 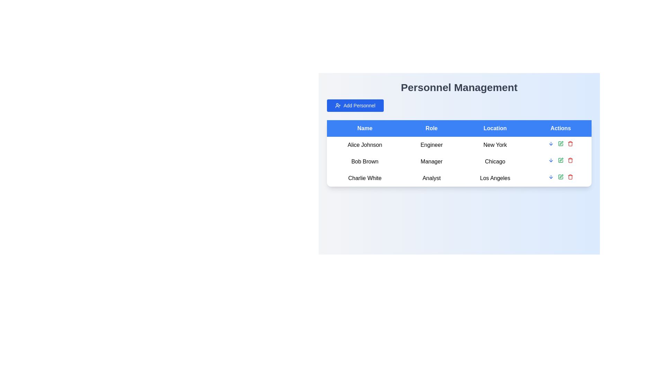 I want to click on the static text element that indicates the role of 'Bob Brown' as 'Manager' in the table, located in the second column under the header 'Role', so click(x=431, y=161).